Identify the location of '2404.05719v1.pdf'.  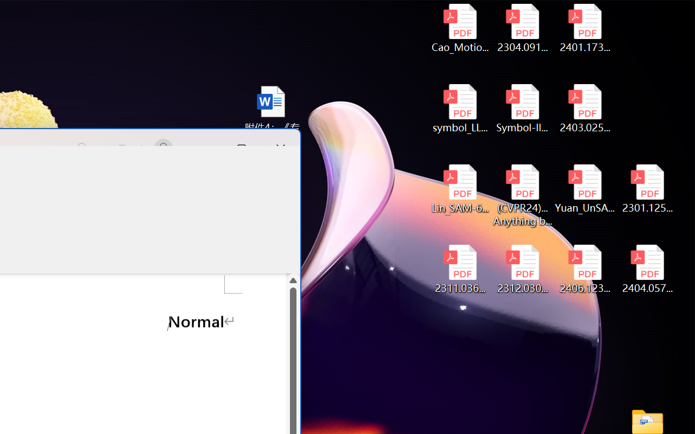
(647, 269).